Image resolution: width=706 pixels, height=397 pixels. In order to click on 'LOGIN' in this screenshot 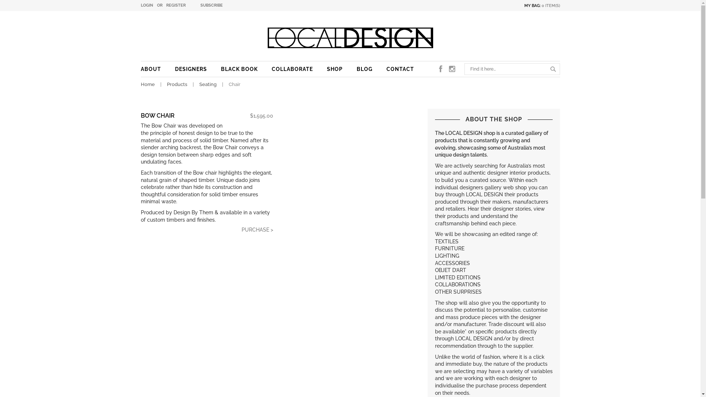, I will do `click(146, 5)`.